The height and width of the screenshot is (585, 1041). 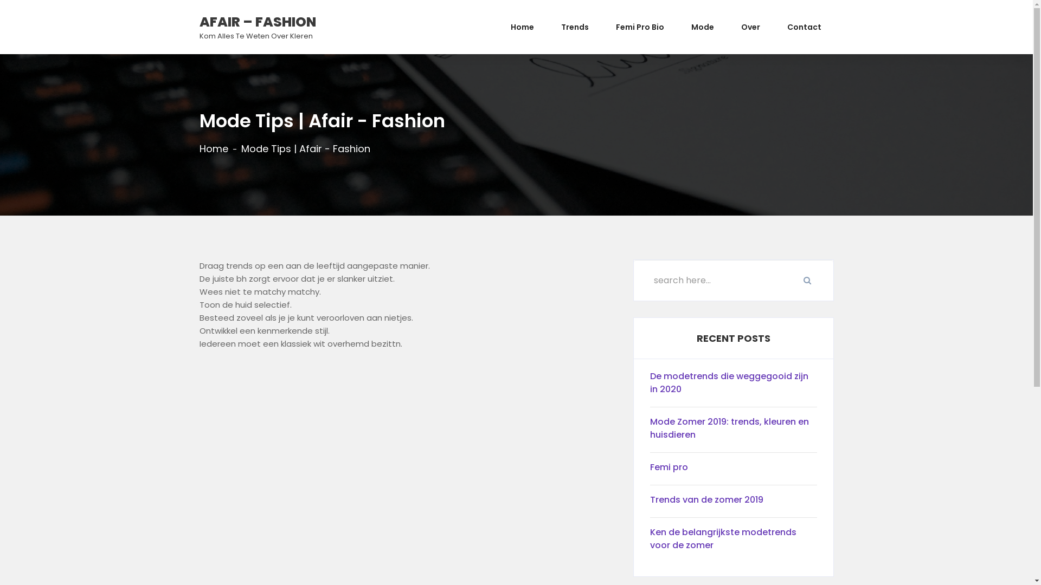 I want to click on 'Home', so click(x=214, y=148).